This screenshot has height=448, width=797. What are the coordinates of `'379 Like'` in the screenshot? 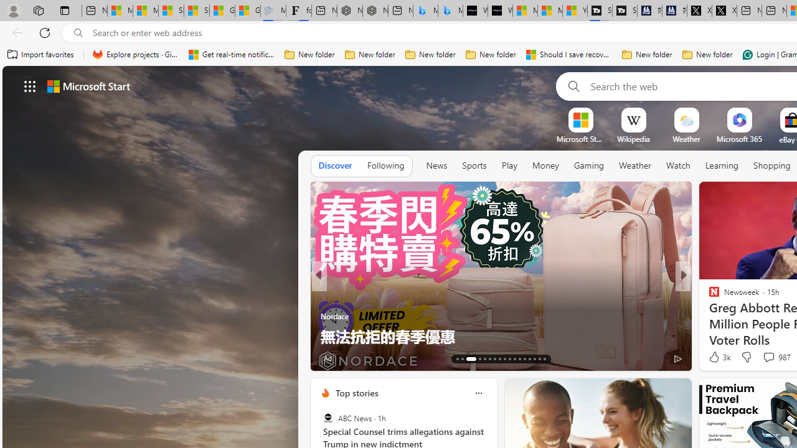 It's located at (717, 358).